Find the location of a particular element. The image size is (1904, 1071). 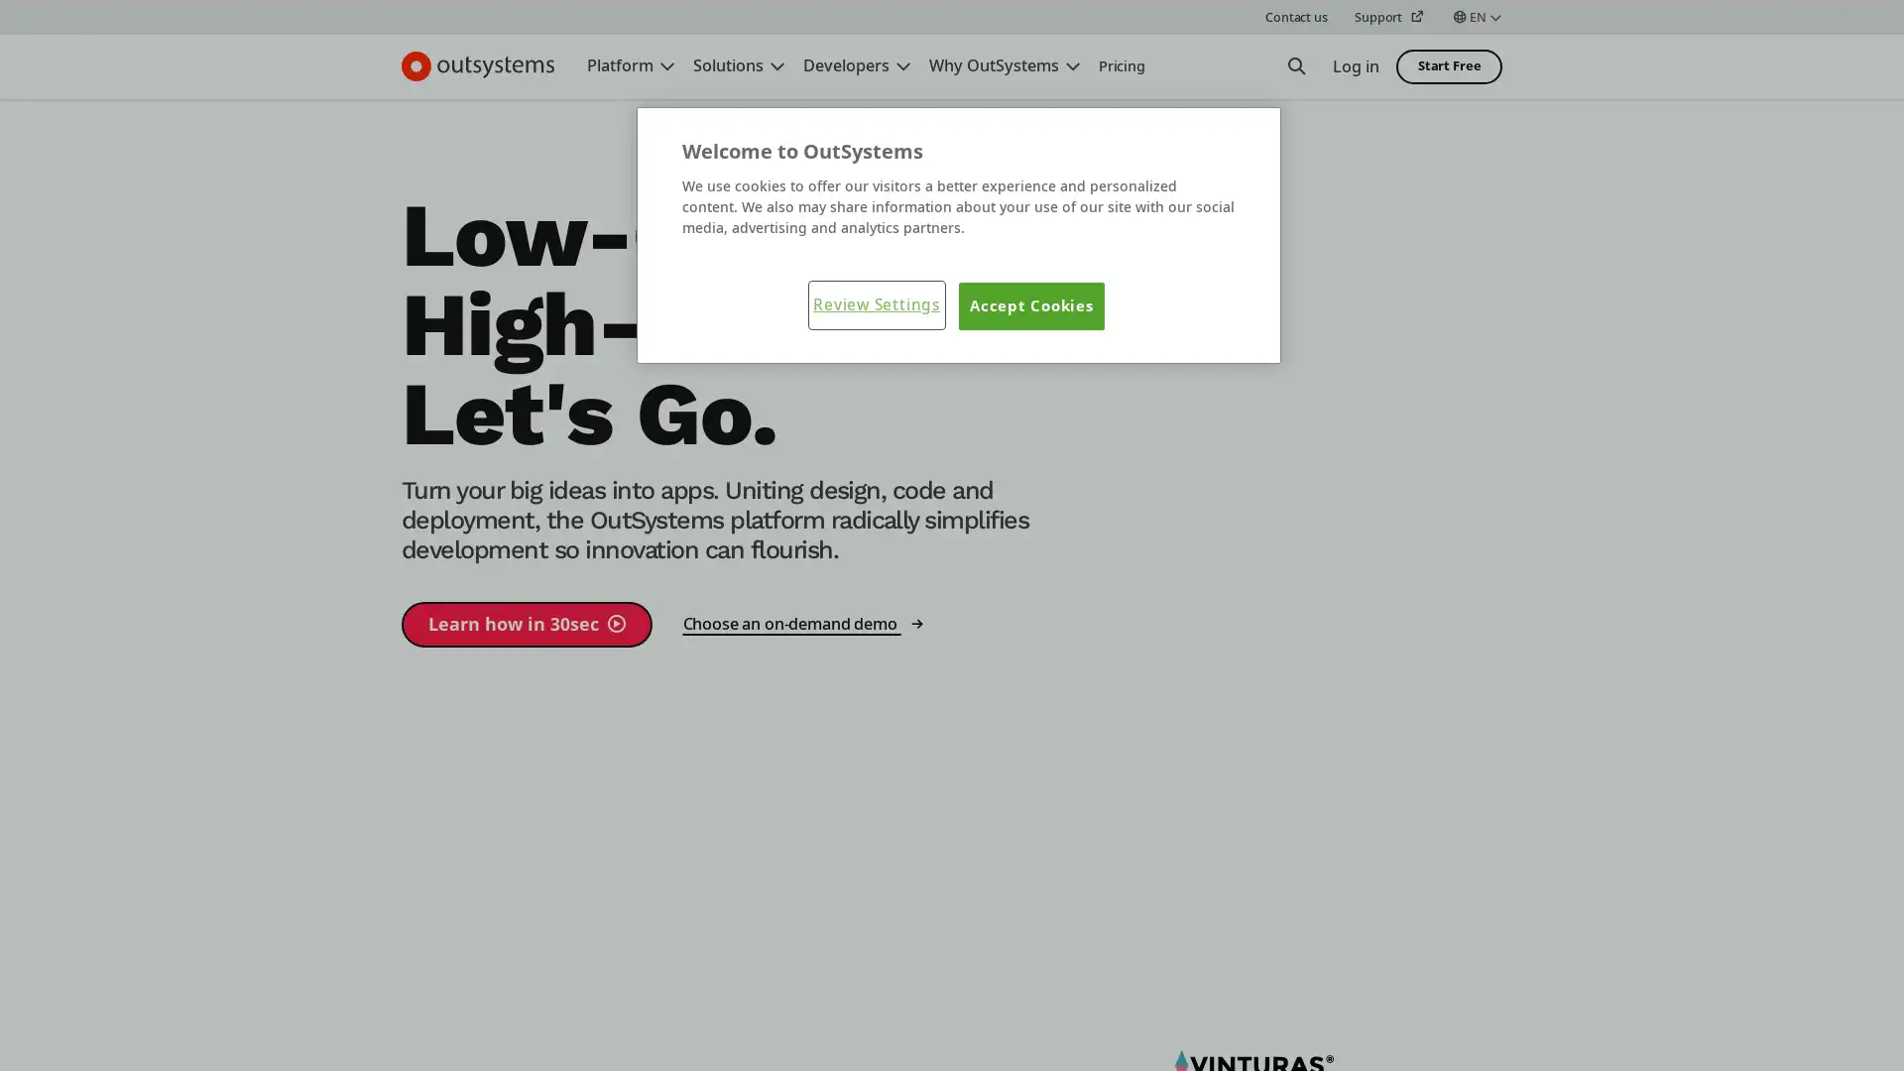

Platform is located at coordinates (629, 64).